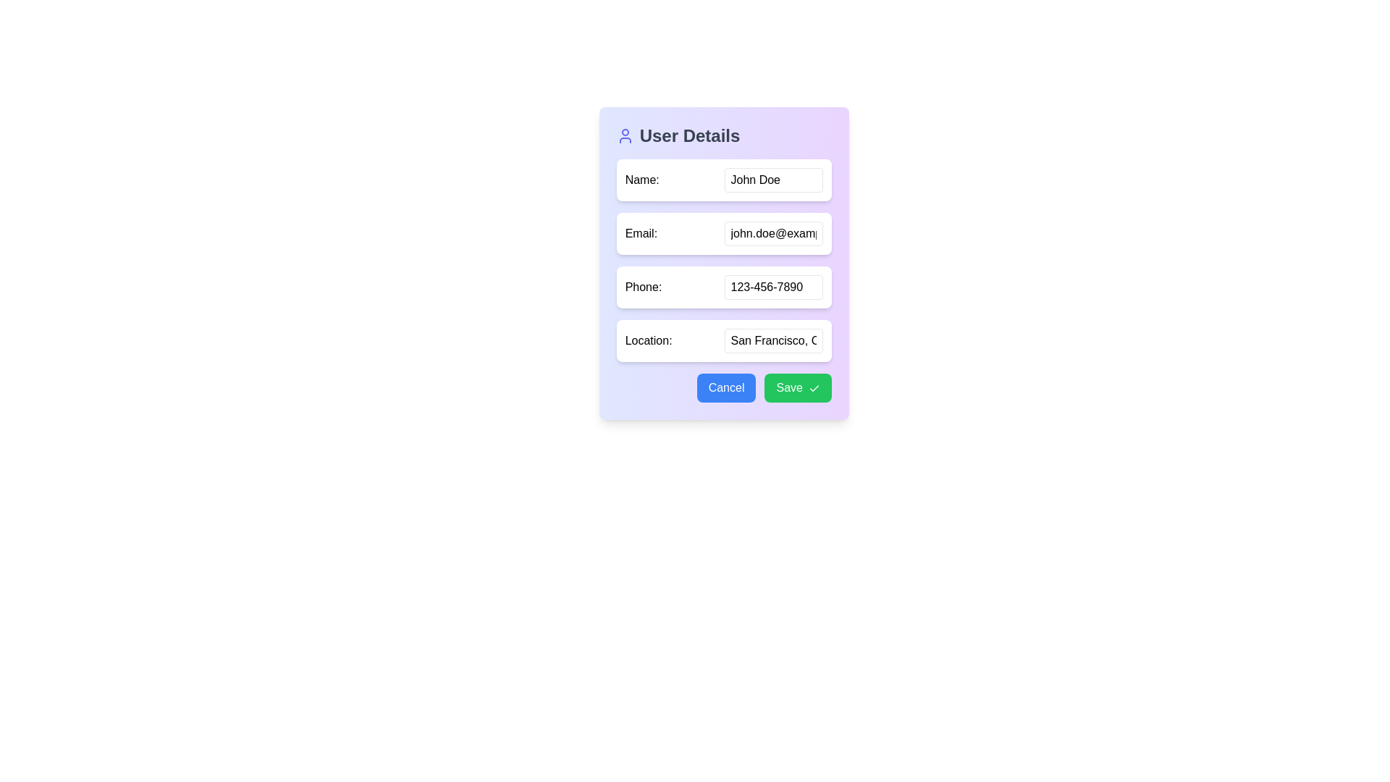  Describe the element at coordinates (640, 233) in the screenshot. I see `the 'Email:' label, which is aligned to the left of the email input field in the second row of the form` at that location.